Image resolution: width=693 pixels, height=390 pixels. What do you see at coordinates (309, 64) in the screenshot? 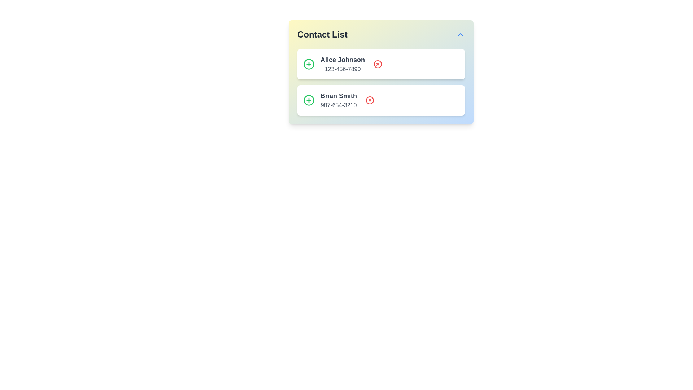
I see `the circular green icon button featuring a plus sign, located to the left of 'Brian Smith' and above the phone number` at bounding box center [309, 64].